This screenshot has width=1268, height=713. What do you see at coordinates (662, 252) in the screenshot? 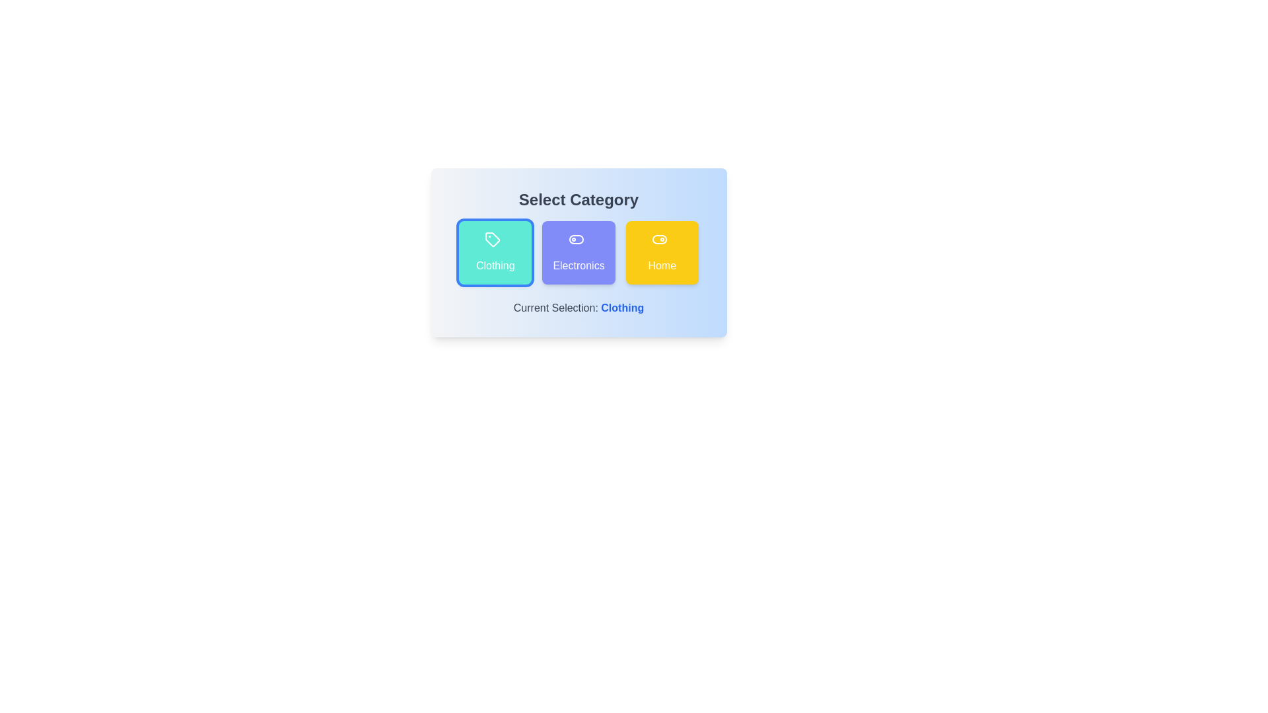
I see `the 'Home' button to select the 'Home' category` at bounding box center [662, 252].